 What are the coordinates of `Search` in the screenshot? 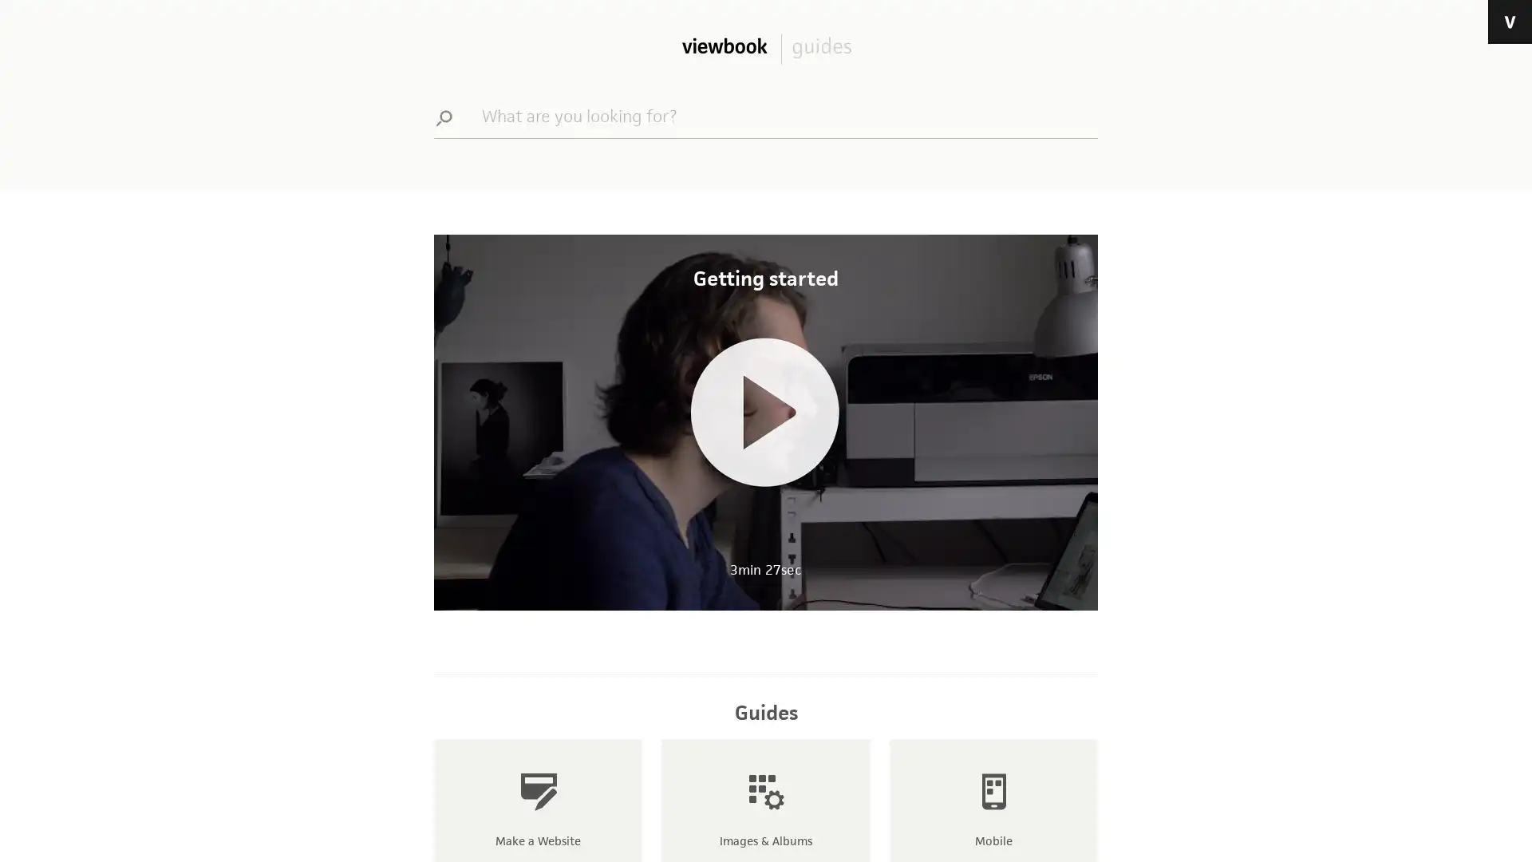 It's located at (451, 116).